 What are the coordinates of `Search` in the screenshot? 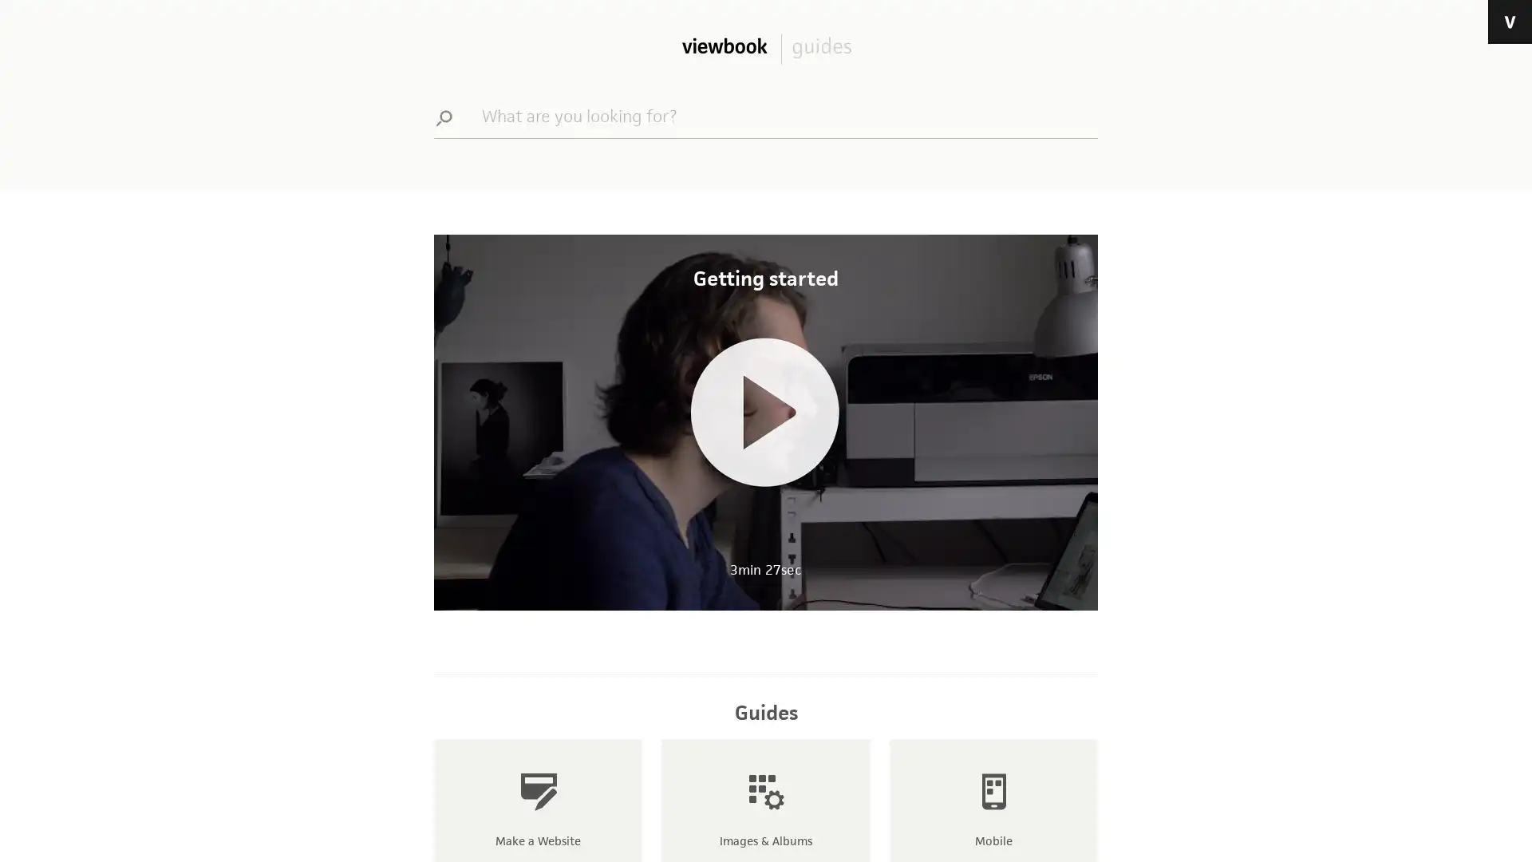 It's located at (451, 116).